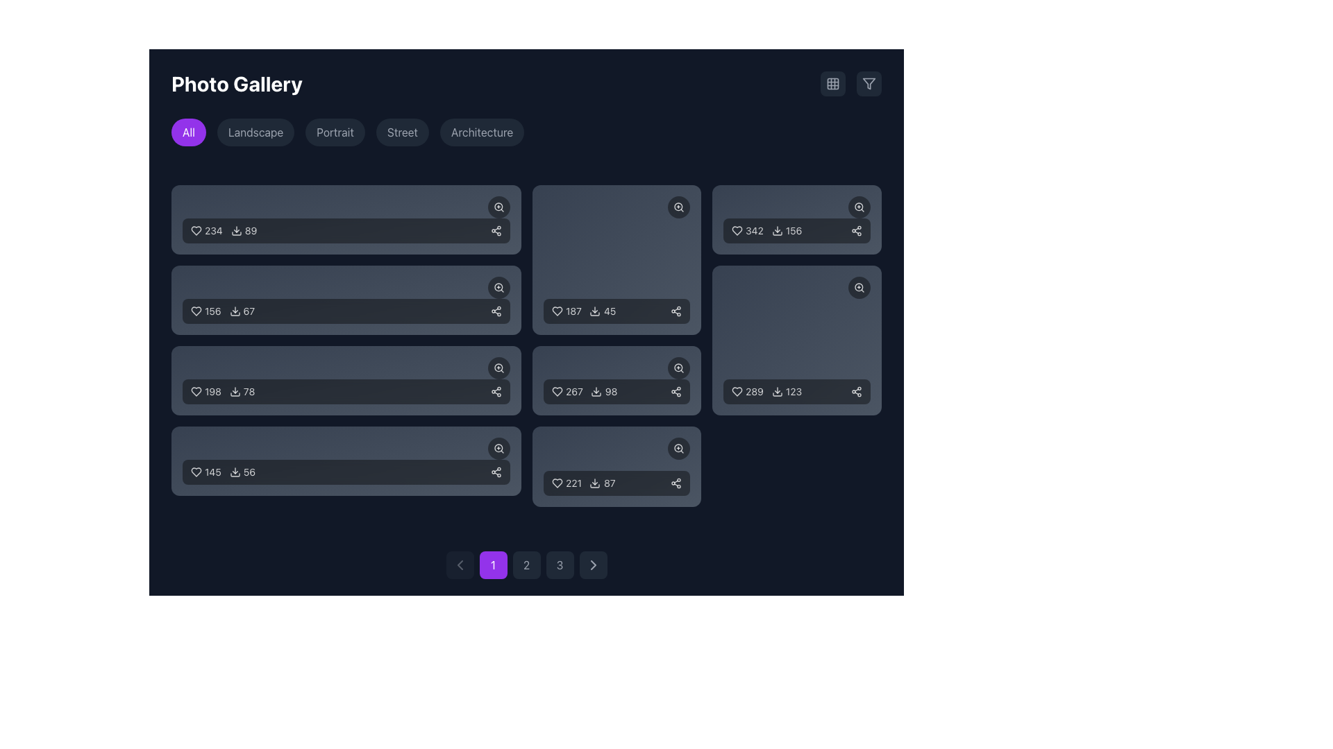 The image size is (1333, 749). What do you see at coordinates (212, 310) in the screenshot?
I see `the static text display showing the numerical value '156' associated with the heart icon in the second card of the left column` at bounding box center [212, 310].